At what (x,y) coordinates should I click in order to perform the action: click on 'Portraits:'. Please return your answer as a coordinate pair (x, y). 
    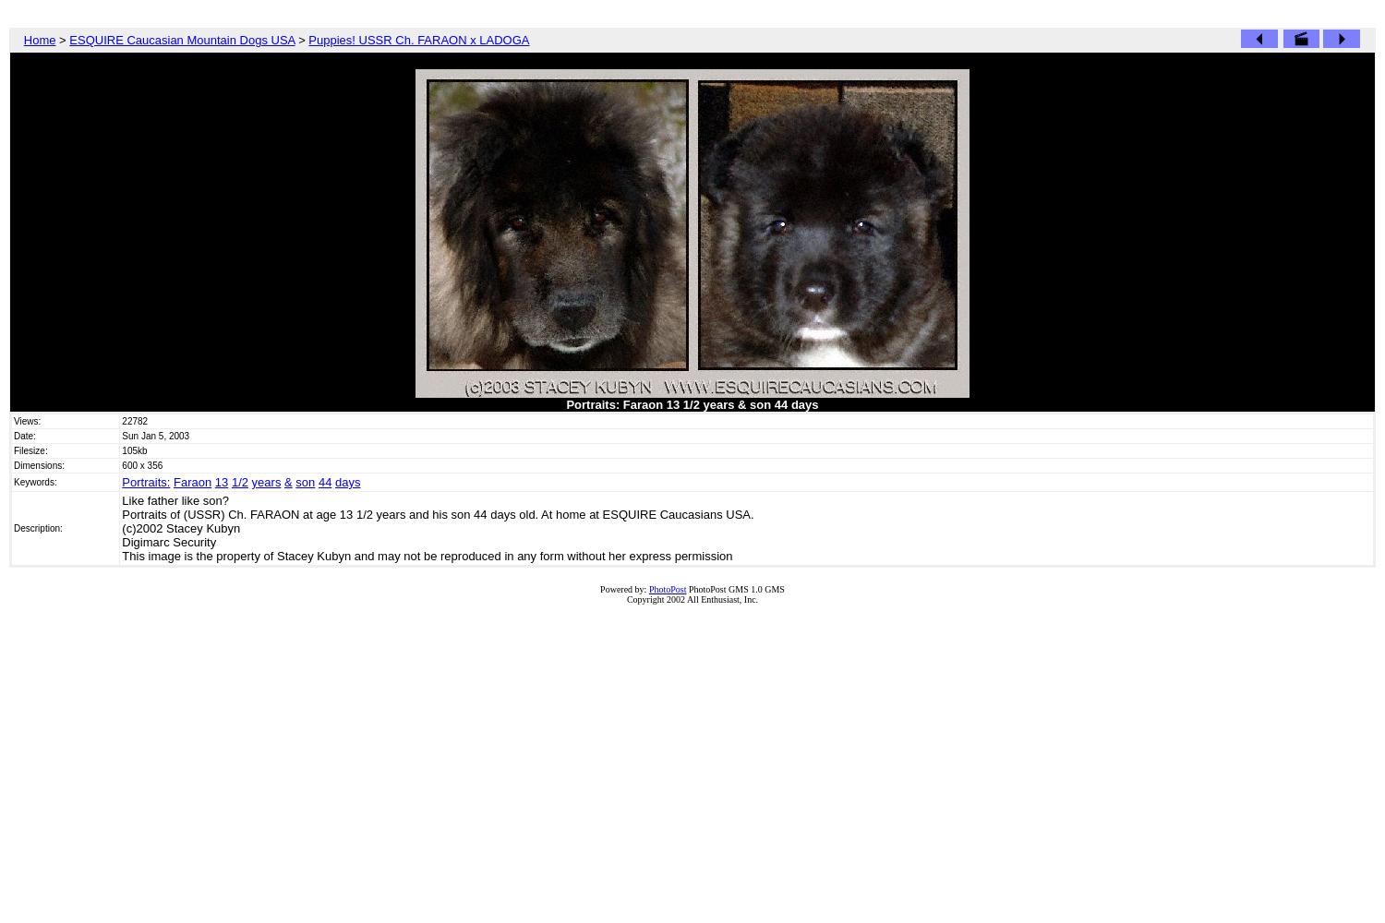
    Looking at the image, I should click on (145, 482).